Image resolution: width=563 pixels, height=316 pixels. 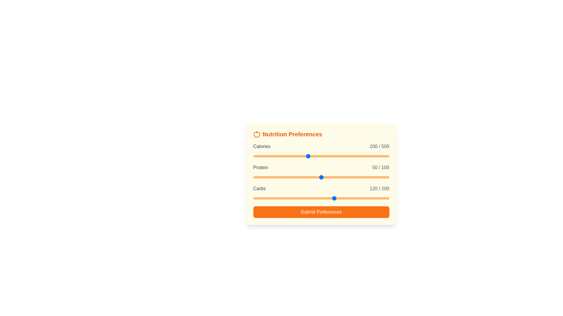 What do you see at coordinates (370, 177) in the screenshot?
I see `the protein value` at bounding box center [370, 177].